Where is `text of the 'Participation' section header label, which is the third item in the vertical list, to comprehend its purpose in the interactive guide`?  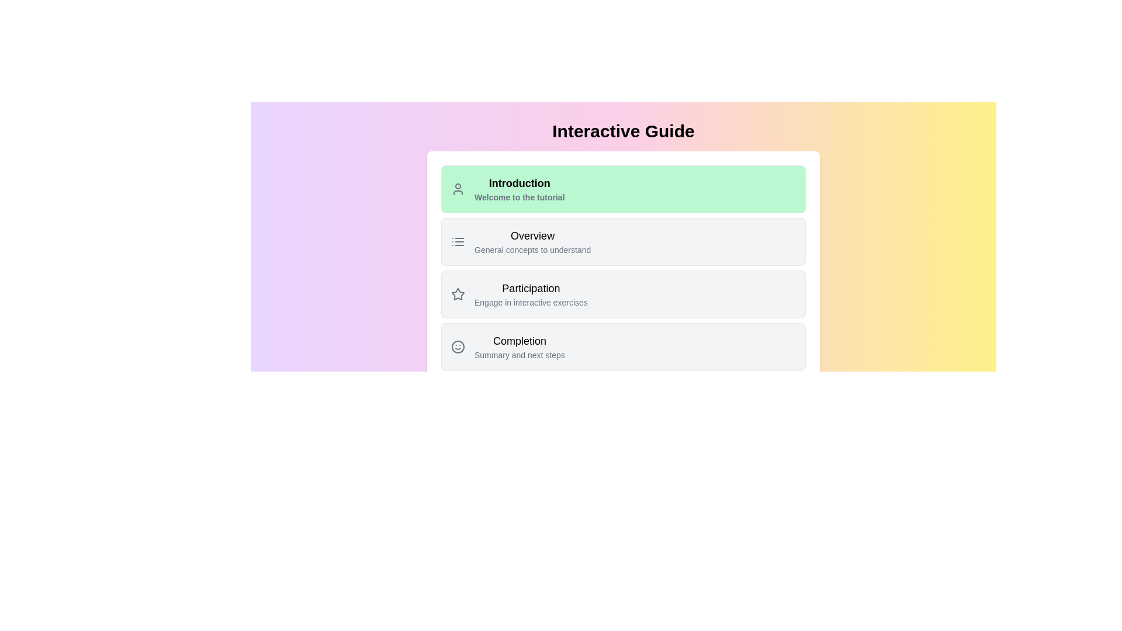
text of the 'Participation' section header label, which is the third item in the vertical list, to comprehend its purpose in the interactive guide is located at coordinates (530, 294).